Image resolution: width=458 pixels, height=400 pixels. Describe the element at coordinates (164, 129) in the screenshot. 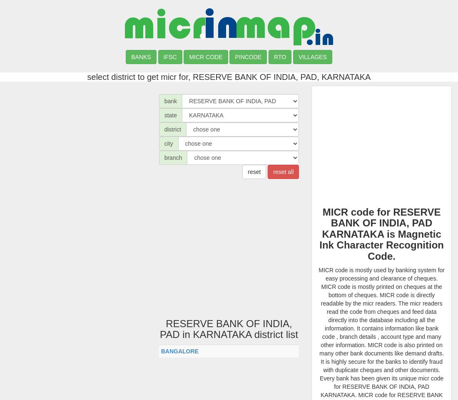

I see `'district'` at that location.